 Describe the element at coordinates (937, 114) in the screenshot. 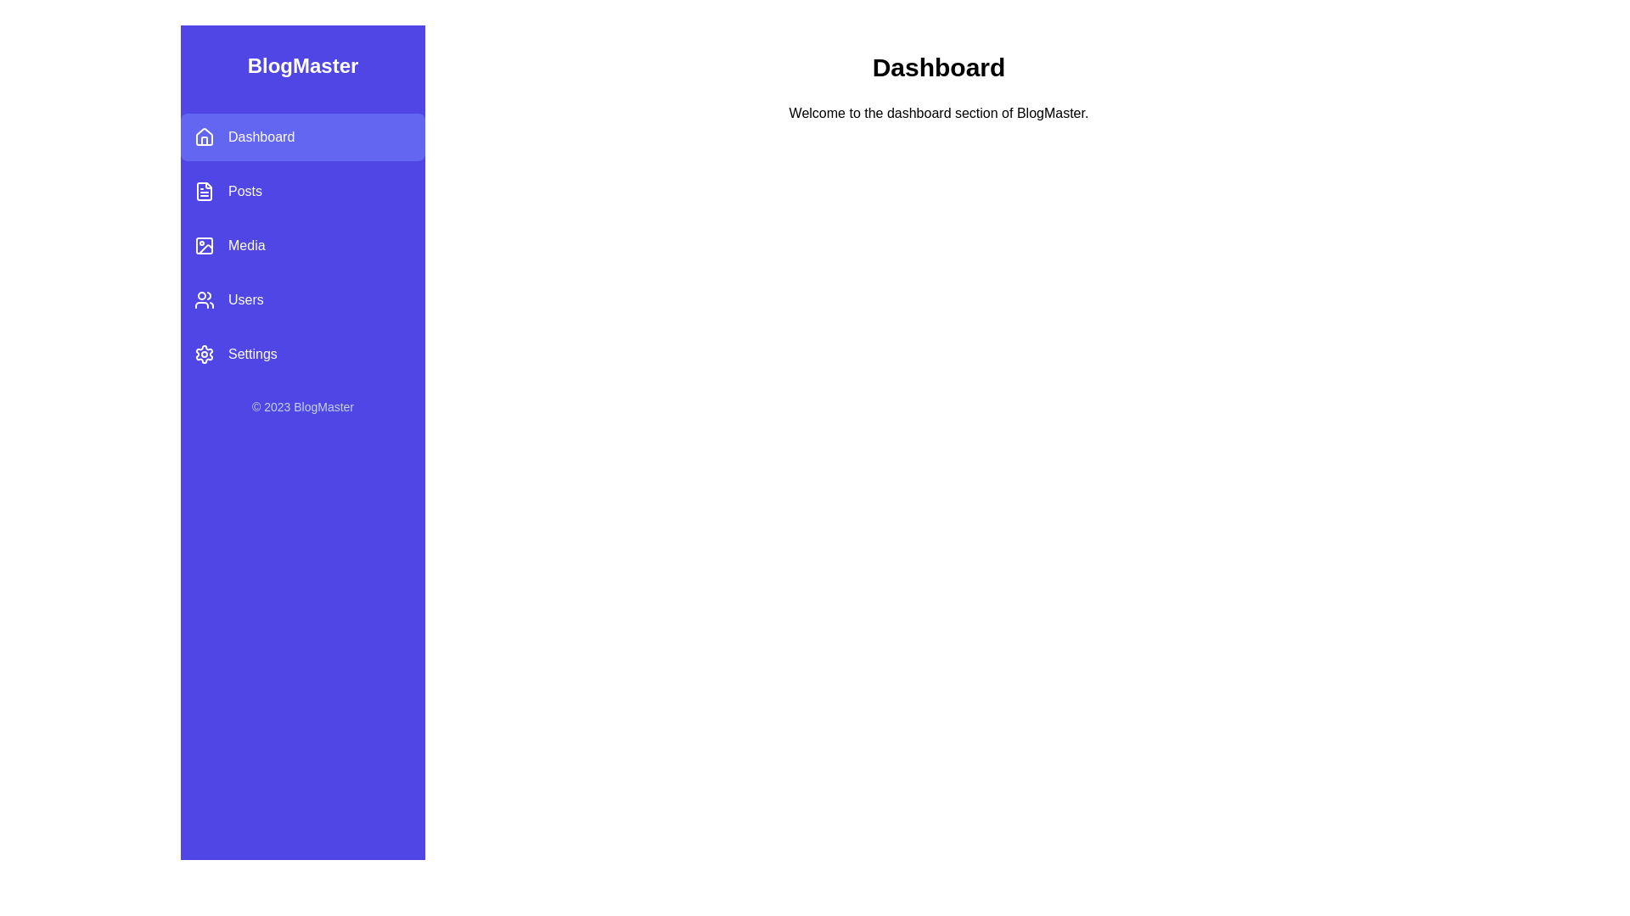

I see `the welcoming message text display located below the 'Dashboard' heading in the main content area of BlogMaster` at that location.